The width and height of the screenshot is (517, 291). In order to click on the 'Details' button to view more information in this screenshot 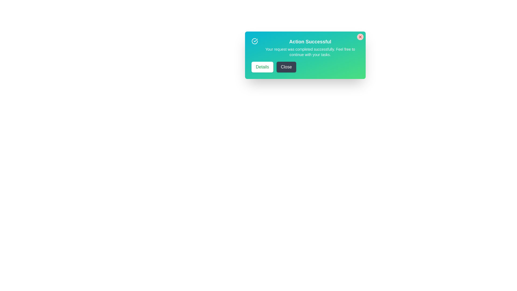, I will do `click(262, 67)`.